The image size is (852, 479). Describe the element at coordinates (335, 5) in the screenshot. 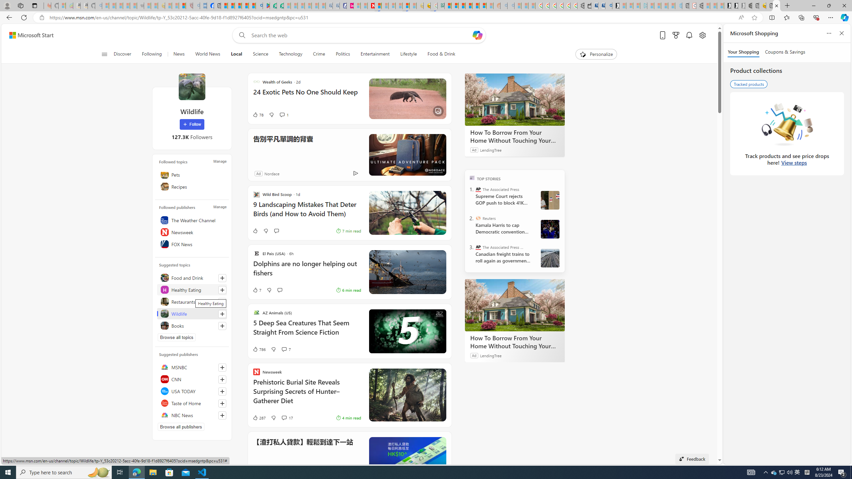

I see `'Cheap Hotels - Save70.com - Sleeping'` at that location.